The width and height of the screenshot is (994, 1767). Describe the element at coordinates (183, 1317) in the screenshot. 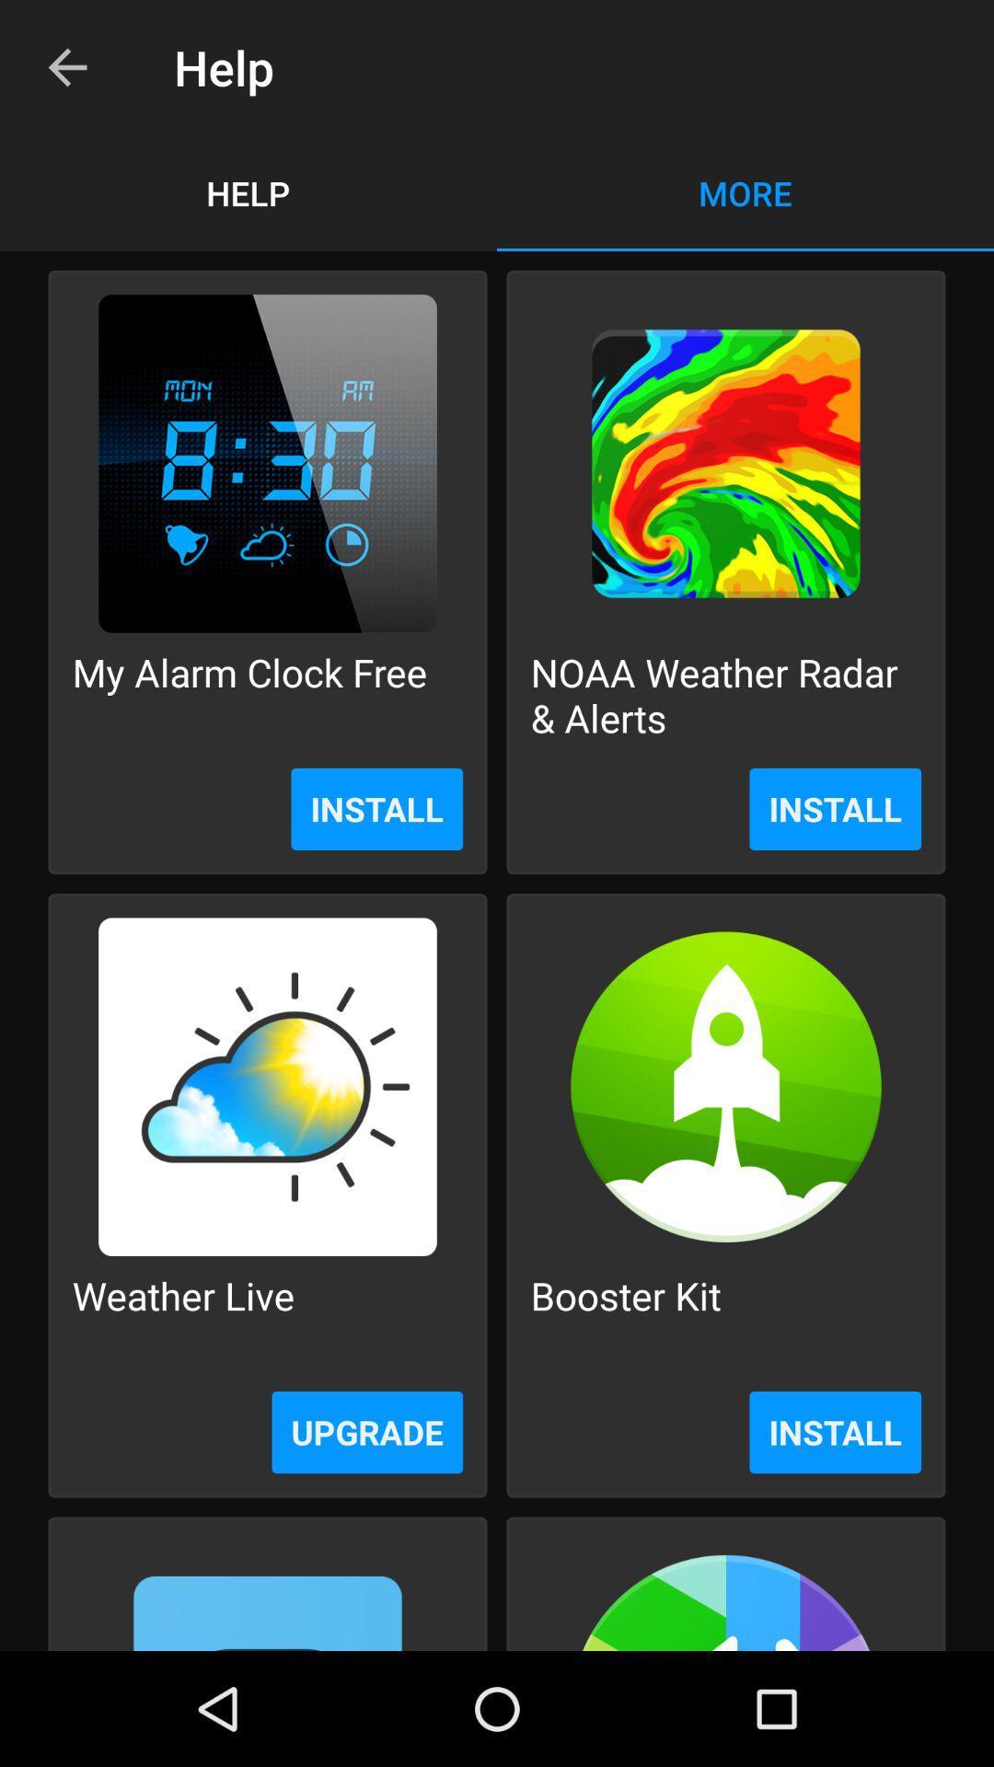

I see `item above upgrade item` at that location.